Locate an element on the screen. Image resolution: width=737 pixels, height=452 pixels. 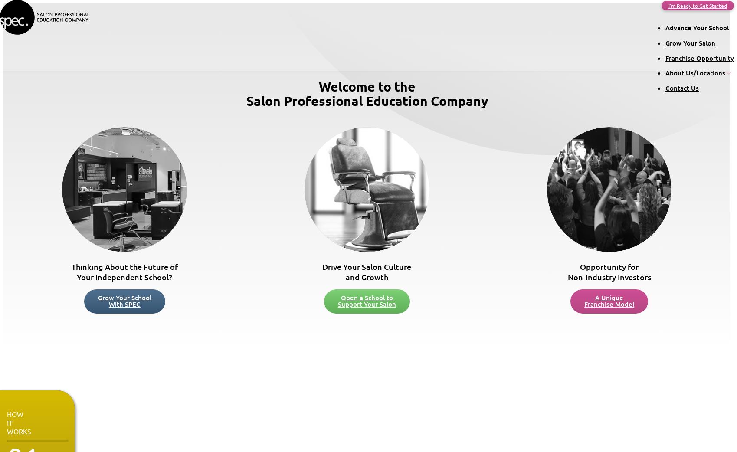
'Drive Your Salon Culture' is located at coordinates (367, 266).